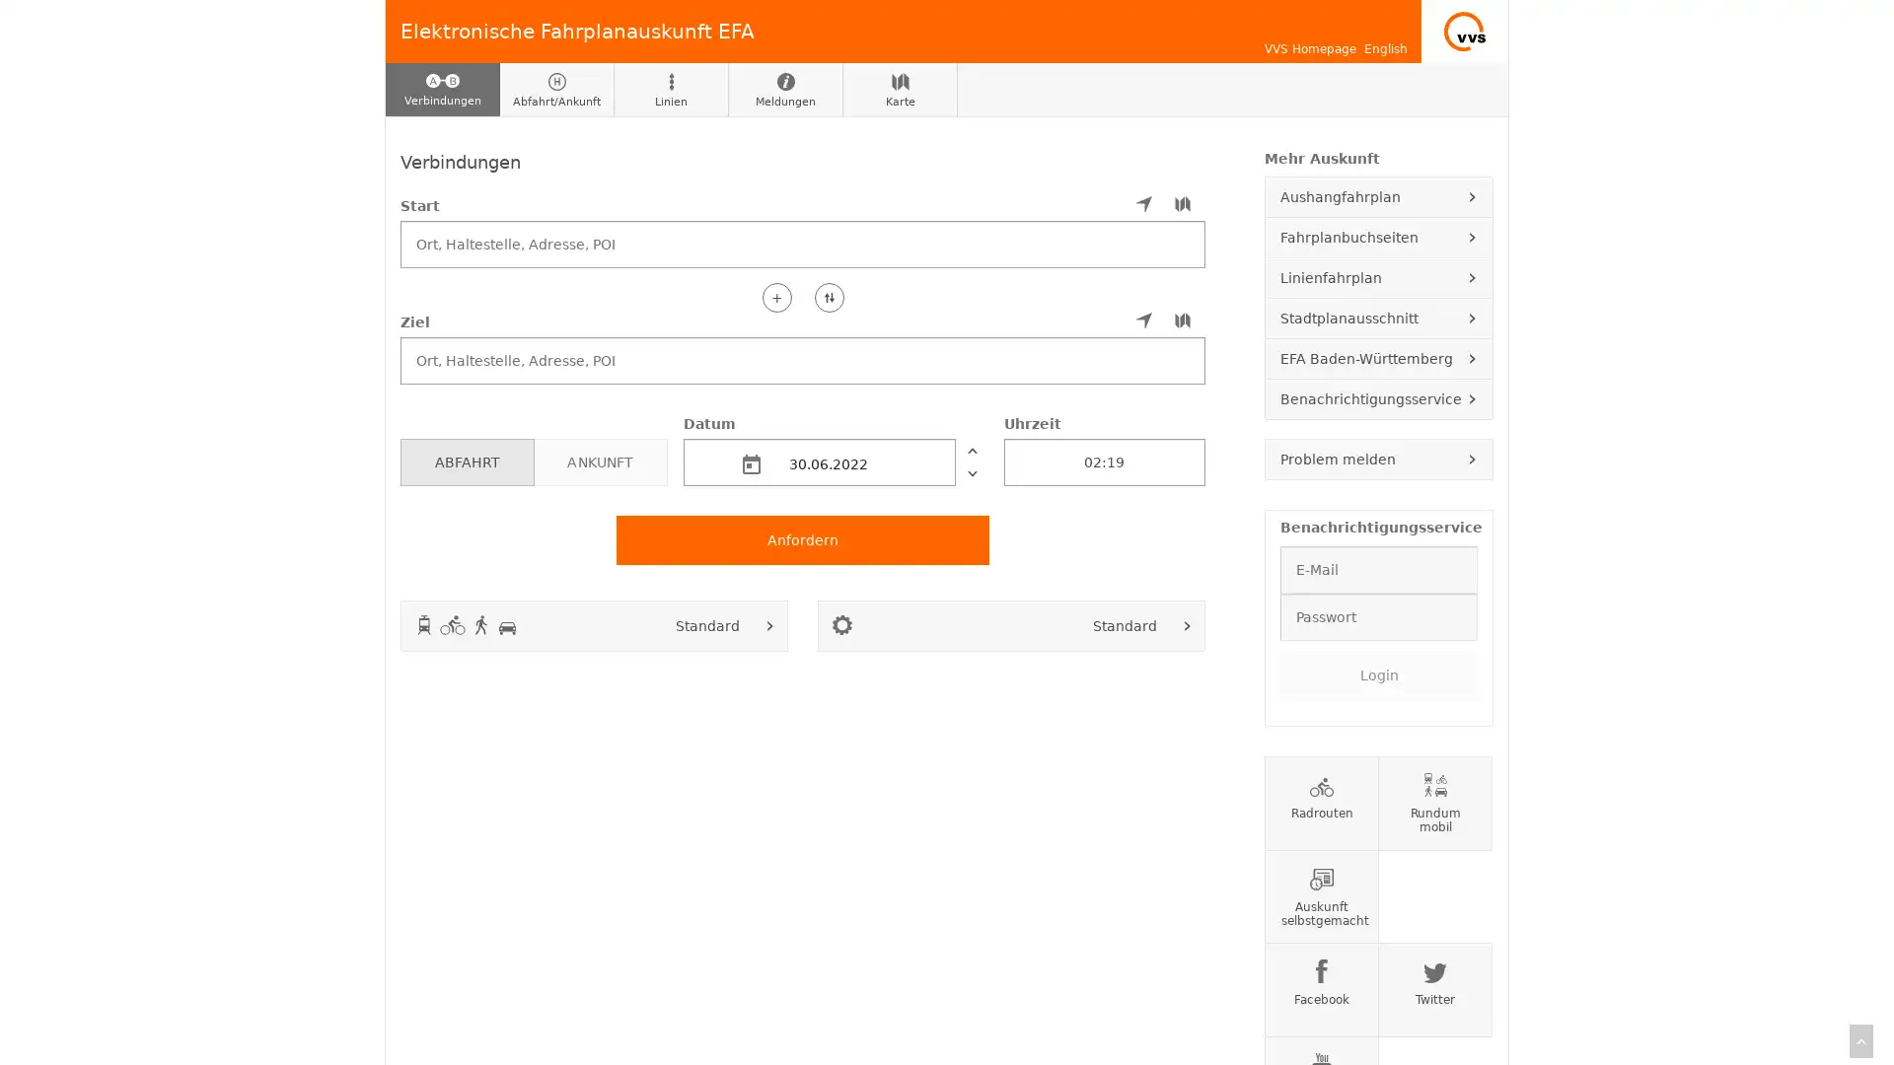  I want to click on 30.06.2022, so click(819, 461).